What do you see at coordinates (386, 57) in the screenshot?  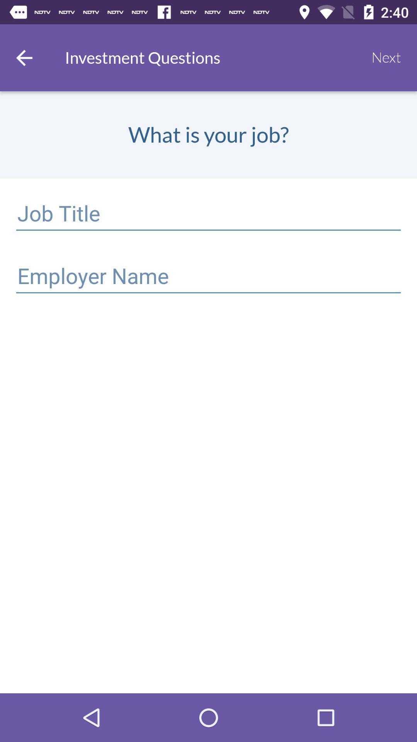 I see `next item` at bounding box center [386, 57].